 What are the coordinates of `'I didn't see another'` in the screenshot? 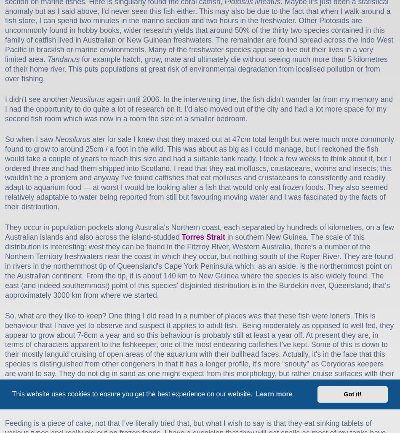 It's located at (5, 99).